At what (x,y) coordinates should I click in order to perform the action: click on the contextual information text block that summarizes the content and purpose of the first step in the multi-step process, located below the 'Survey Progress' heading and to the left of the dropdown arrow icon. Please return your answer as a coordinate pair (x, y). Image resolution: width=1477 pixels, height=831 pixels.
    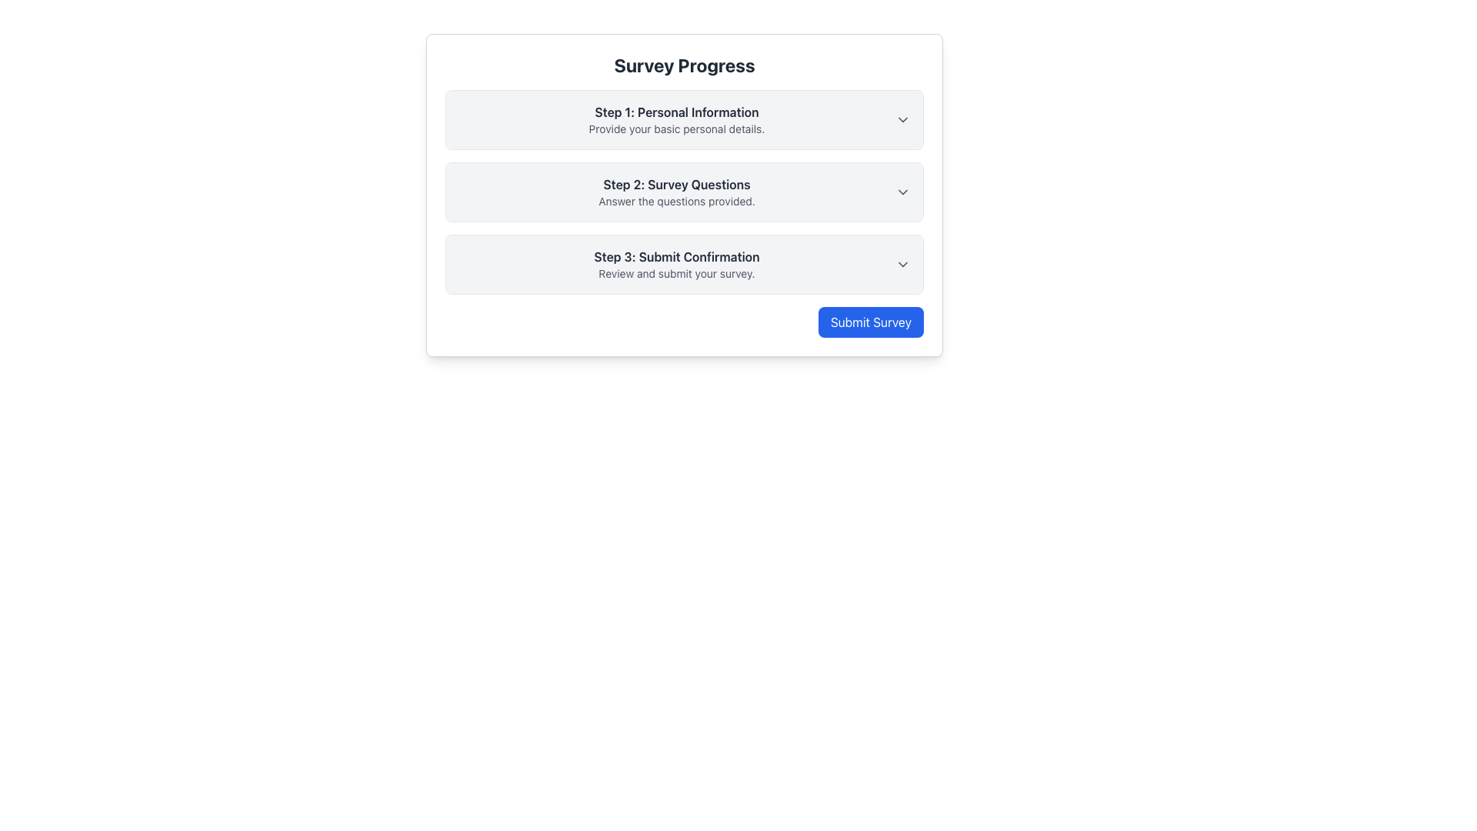
    Looking at the image, I should click on (676, 118).